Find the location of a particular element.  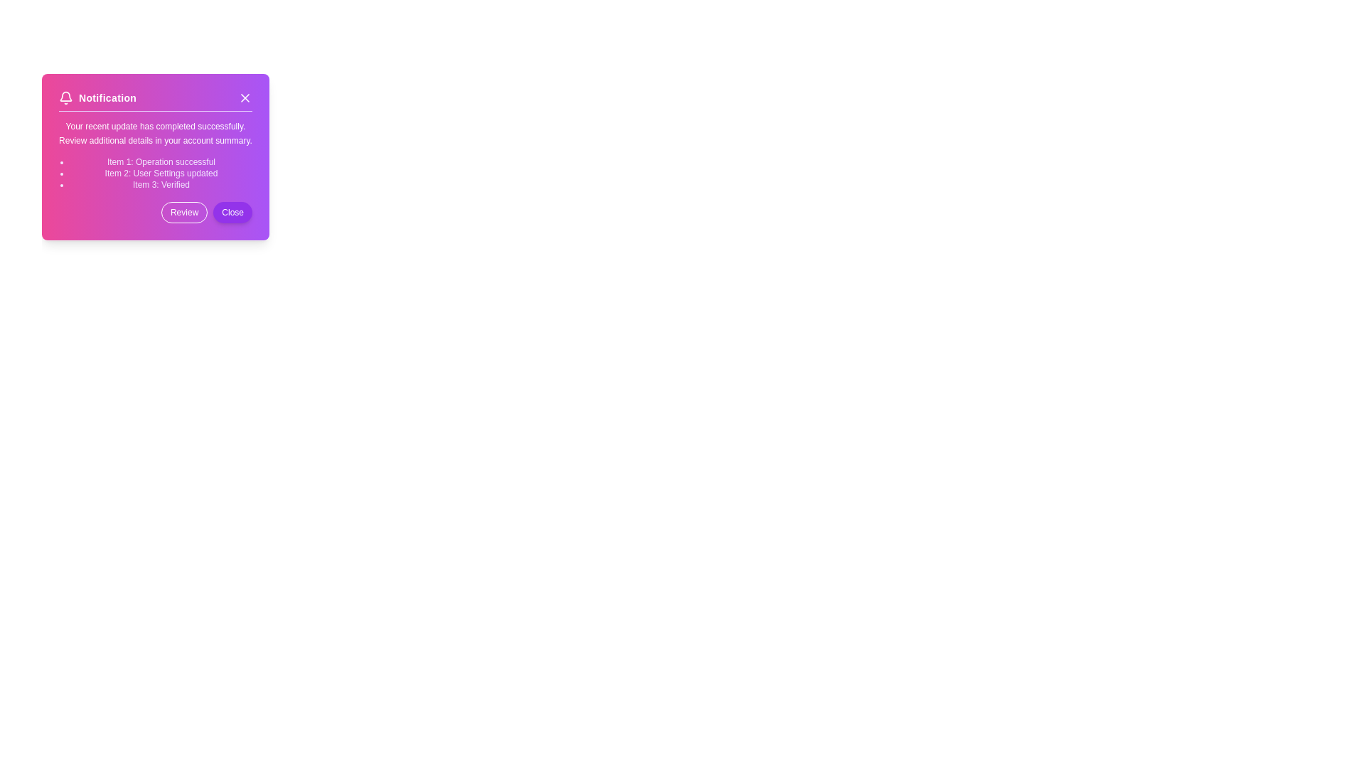

the Header Section of the notification panel, which indicates the function as 'Notification' is located at coordinates (97, 97).